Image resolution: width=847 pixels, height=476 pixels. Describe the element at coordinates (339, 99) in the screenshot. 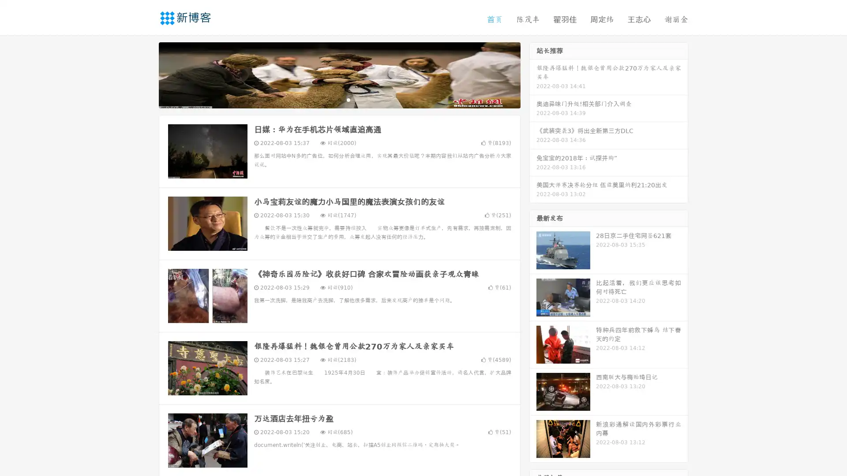

I see `Go to slide 2` at that location.